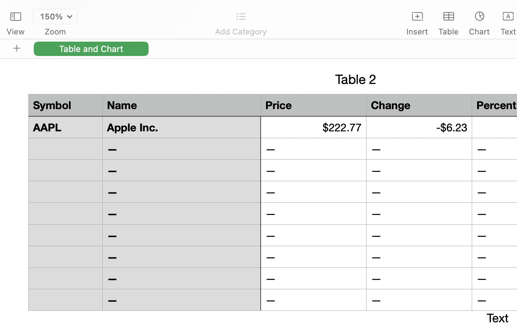 The width and height of the screenshot is (517, 323). I want to click on 'Table and Chart', so click(91, 48).